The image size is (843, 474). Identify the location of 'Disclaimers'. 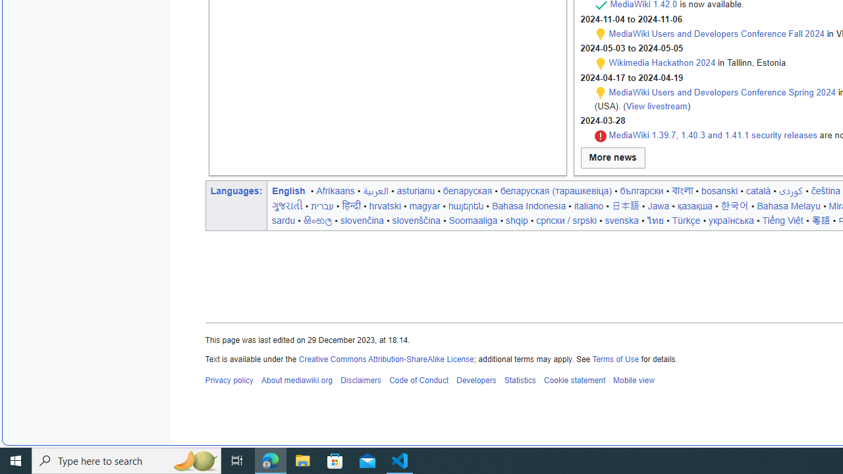
(360, 381).